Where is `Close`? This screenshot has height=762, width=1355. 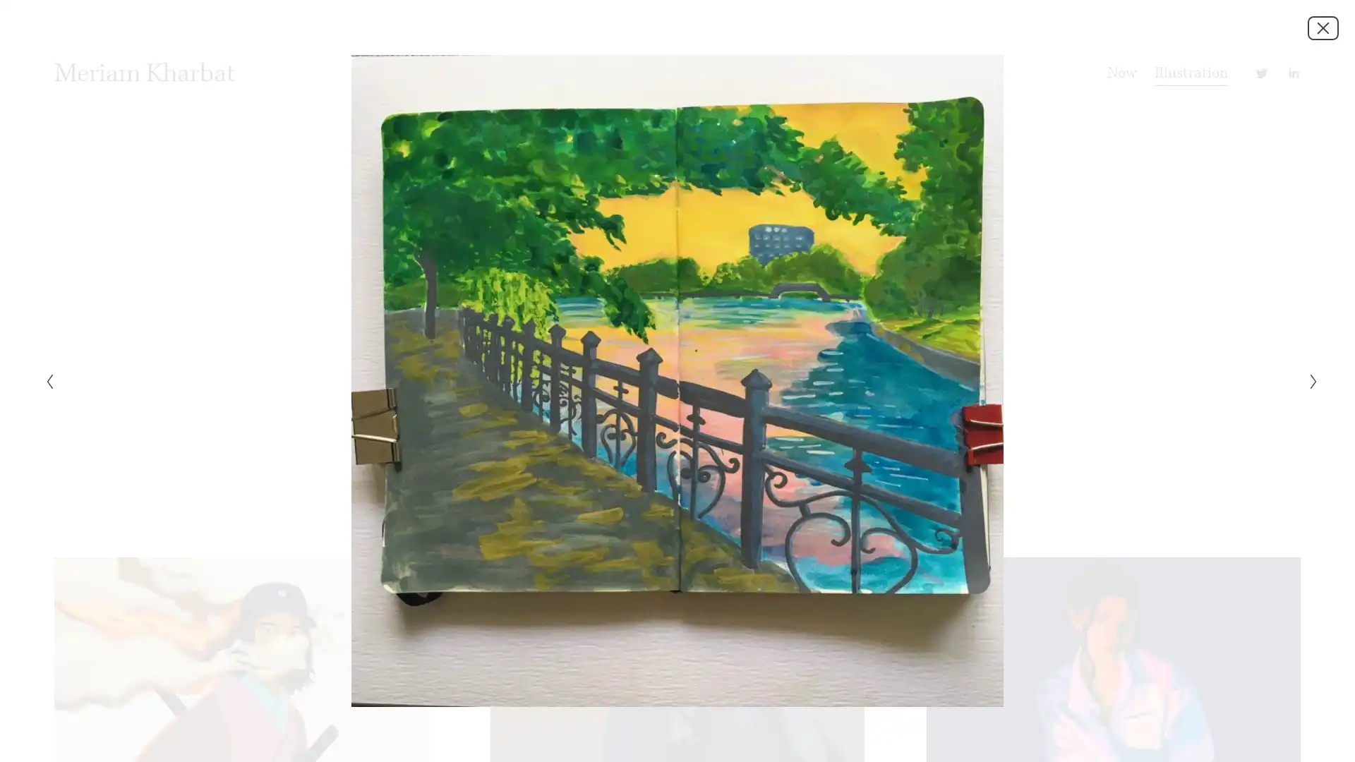 Close is located at coordinates (1323, 27).